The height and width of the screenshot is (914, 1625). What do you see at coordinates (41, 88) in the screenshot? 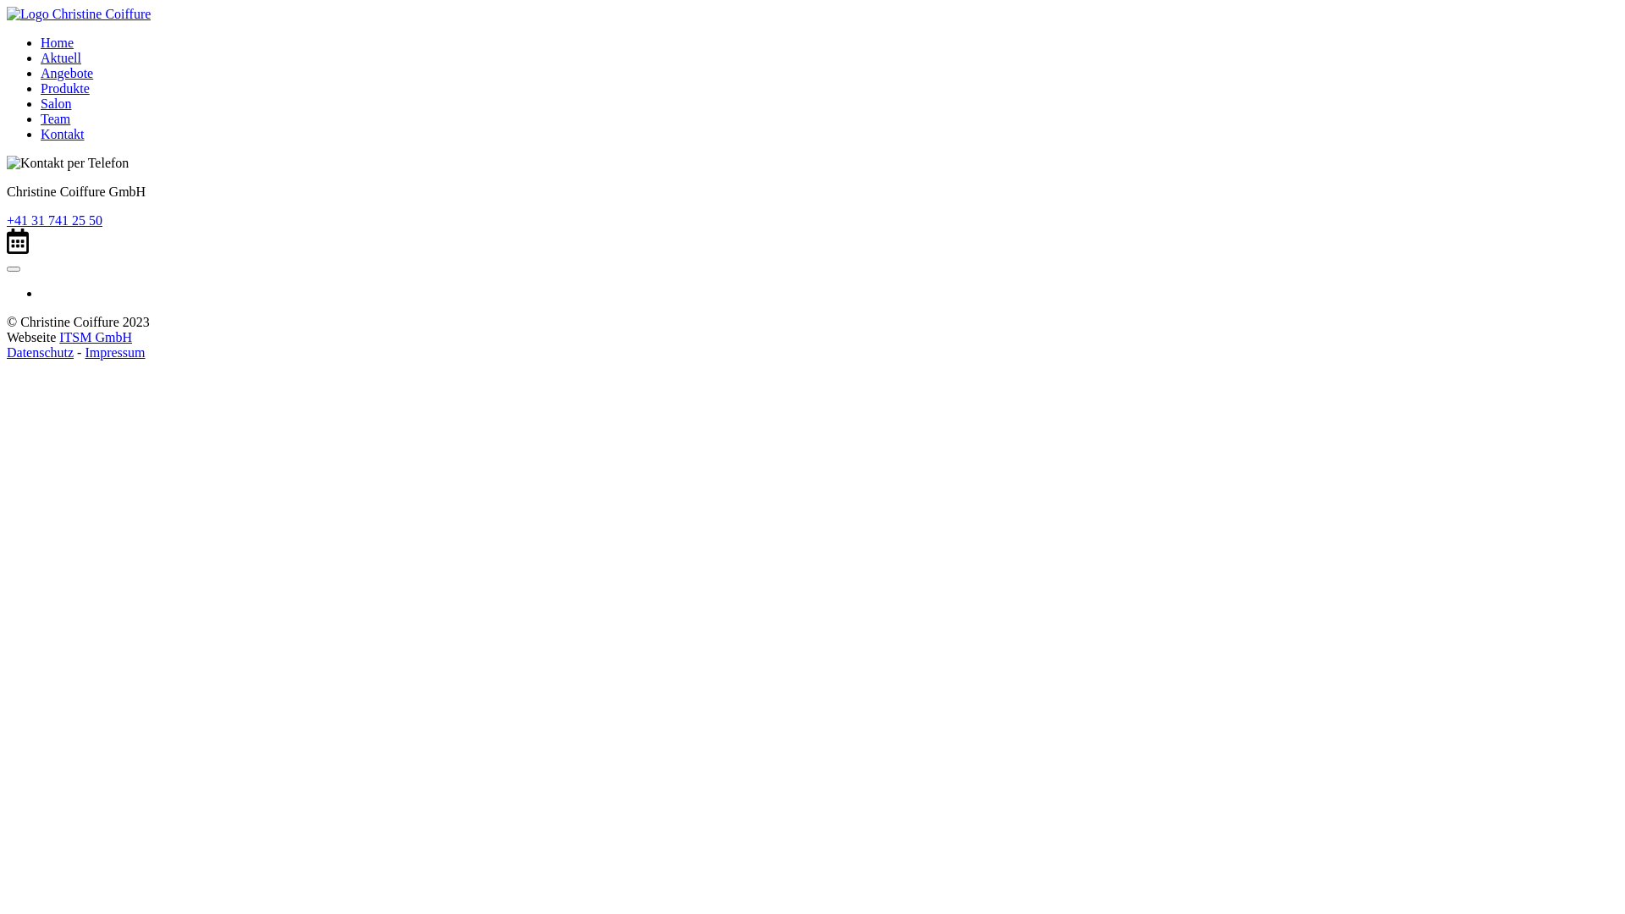
I see `'Produkte'` at bounding box center [41, 88].